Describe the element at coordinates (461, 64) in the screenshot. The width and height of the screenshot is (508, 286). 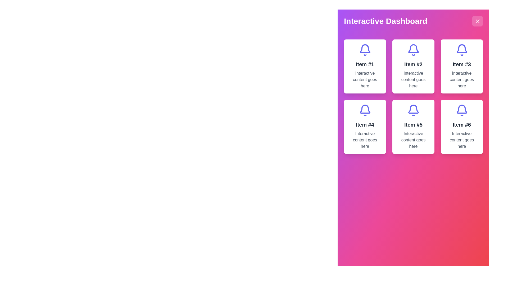
I see `the card containing the text 'Item #3' displayed in bold dark gray font` at that location.